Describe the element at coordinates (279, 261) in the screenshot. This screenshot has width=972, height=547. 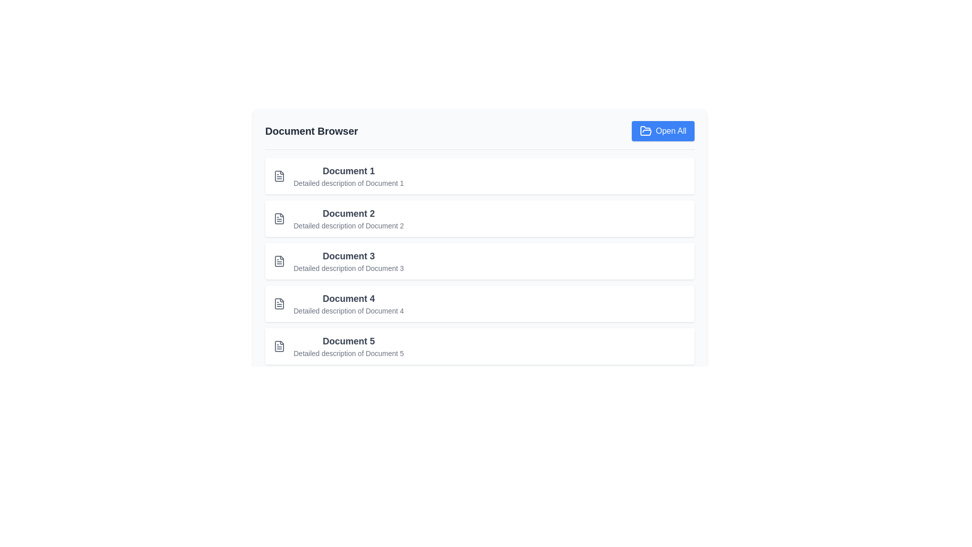
I see `the document icon, which is gray with a corner fold, located next to 'Document 3' in the document list` at that location.